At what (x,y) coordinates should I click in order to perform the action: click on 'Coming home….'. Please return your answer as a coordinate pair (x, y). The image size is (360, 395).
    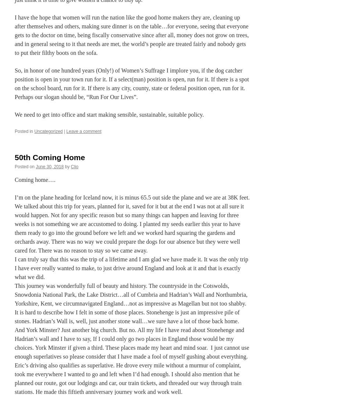
    Looking at the image, I should click on (35, 179).